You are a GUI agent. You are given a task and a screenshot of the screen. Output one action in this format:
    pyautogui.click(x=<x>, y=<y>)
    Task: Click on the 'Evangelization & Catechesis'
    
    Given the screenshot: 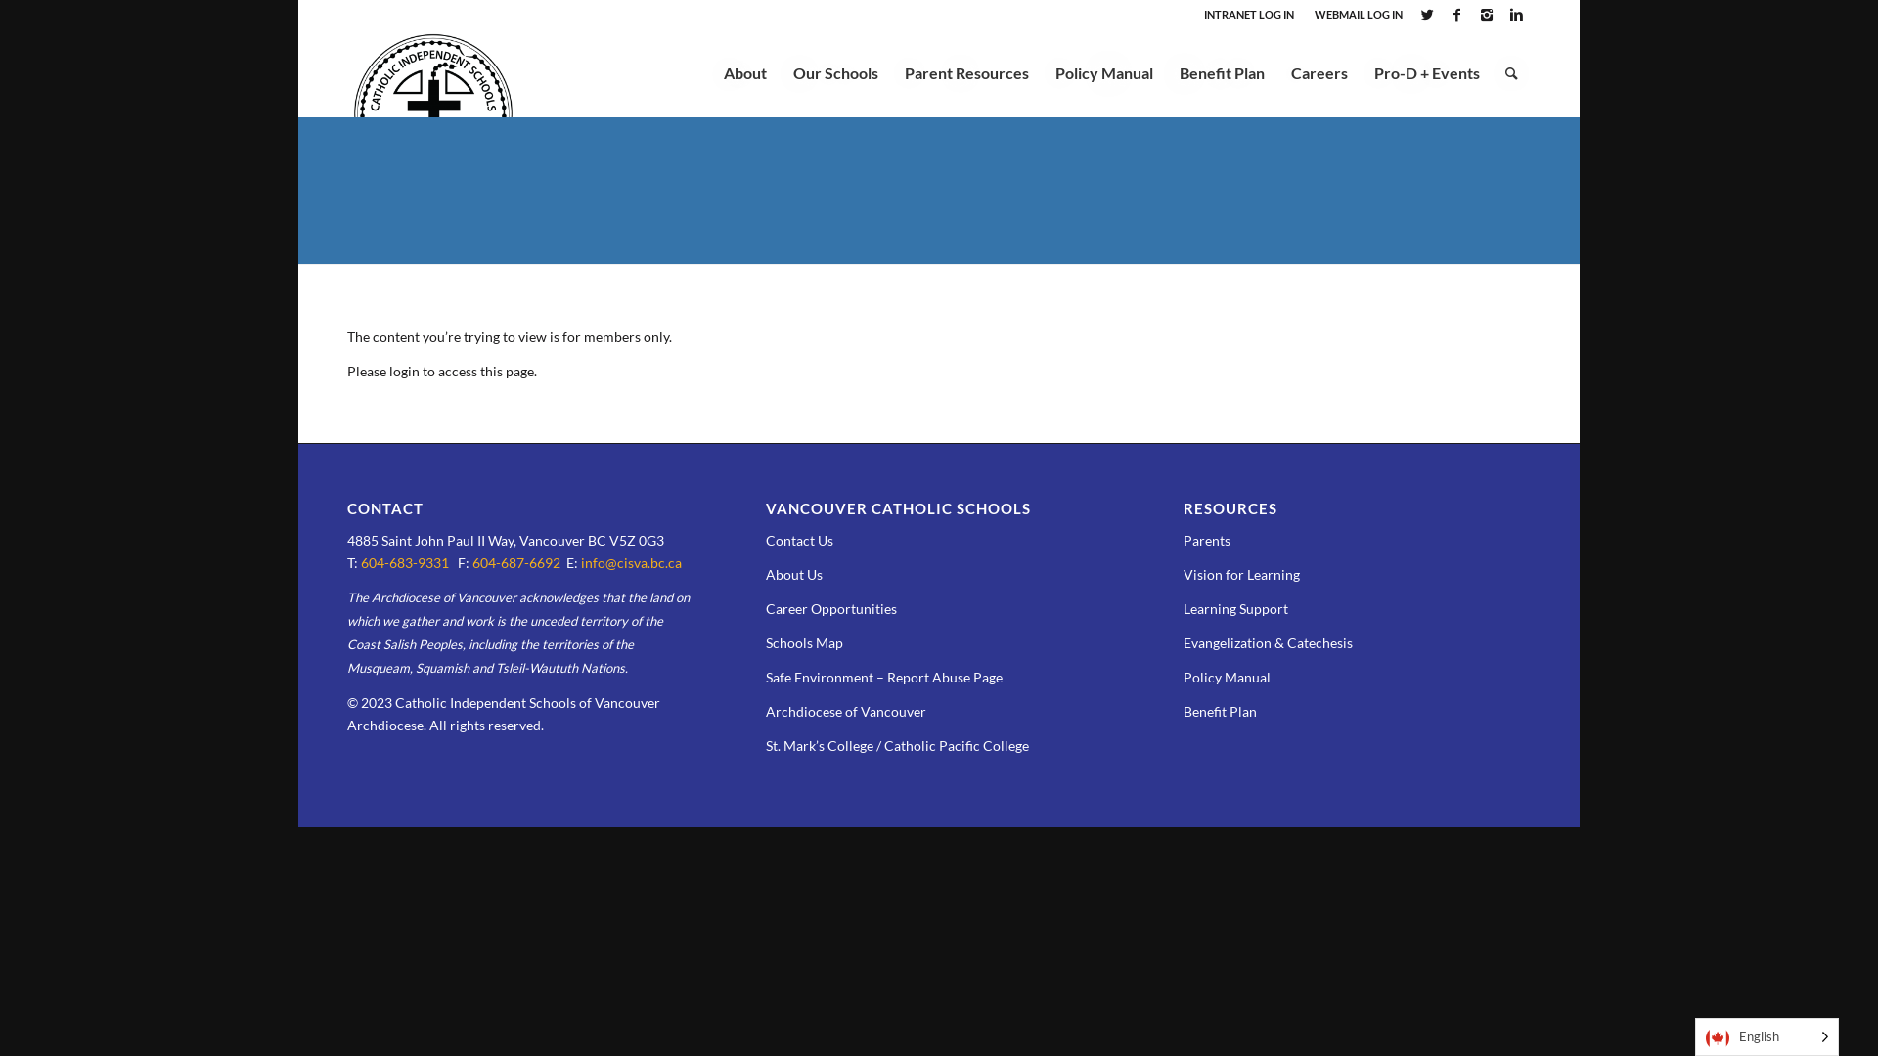 What is the action you would take?
    pyautogui.click(x=1268, y=642)
    